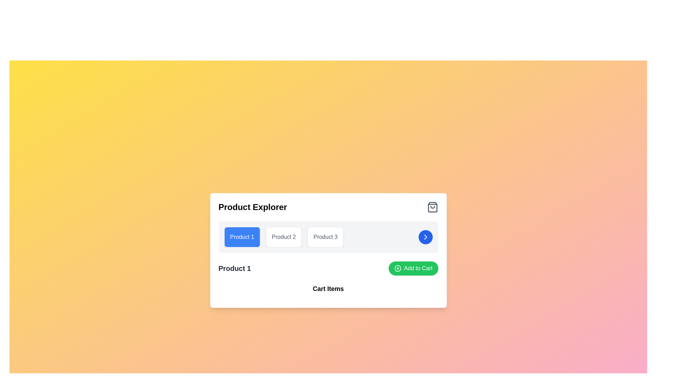  What do you see at coordinates (425, 237) in the screenshot?
I see `the navigation button located at the right end of the horizontal list in the 'Product Explorer' card` at bounding box center [425, 237].